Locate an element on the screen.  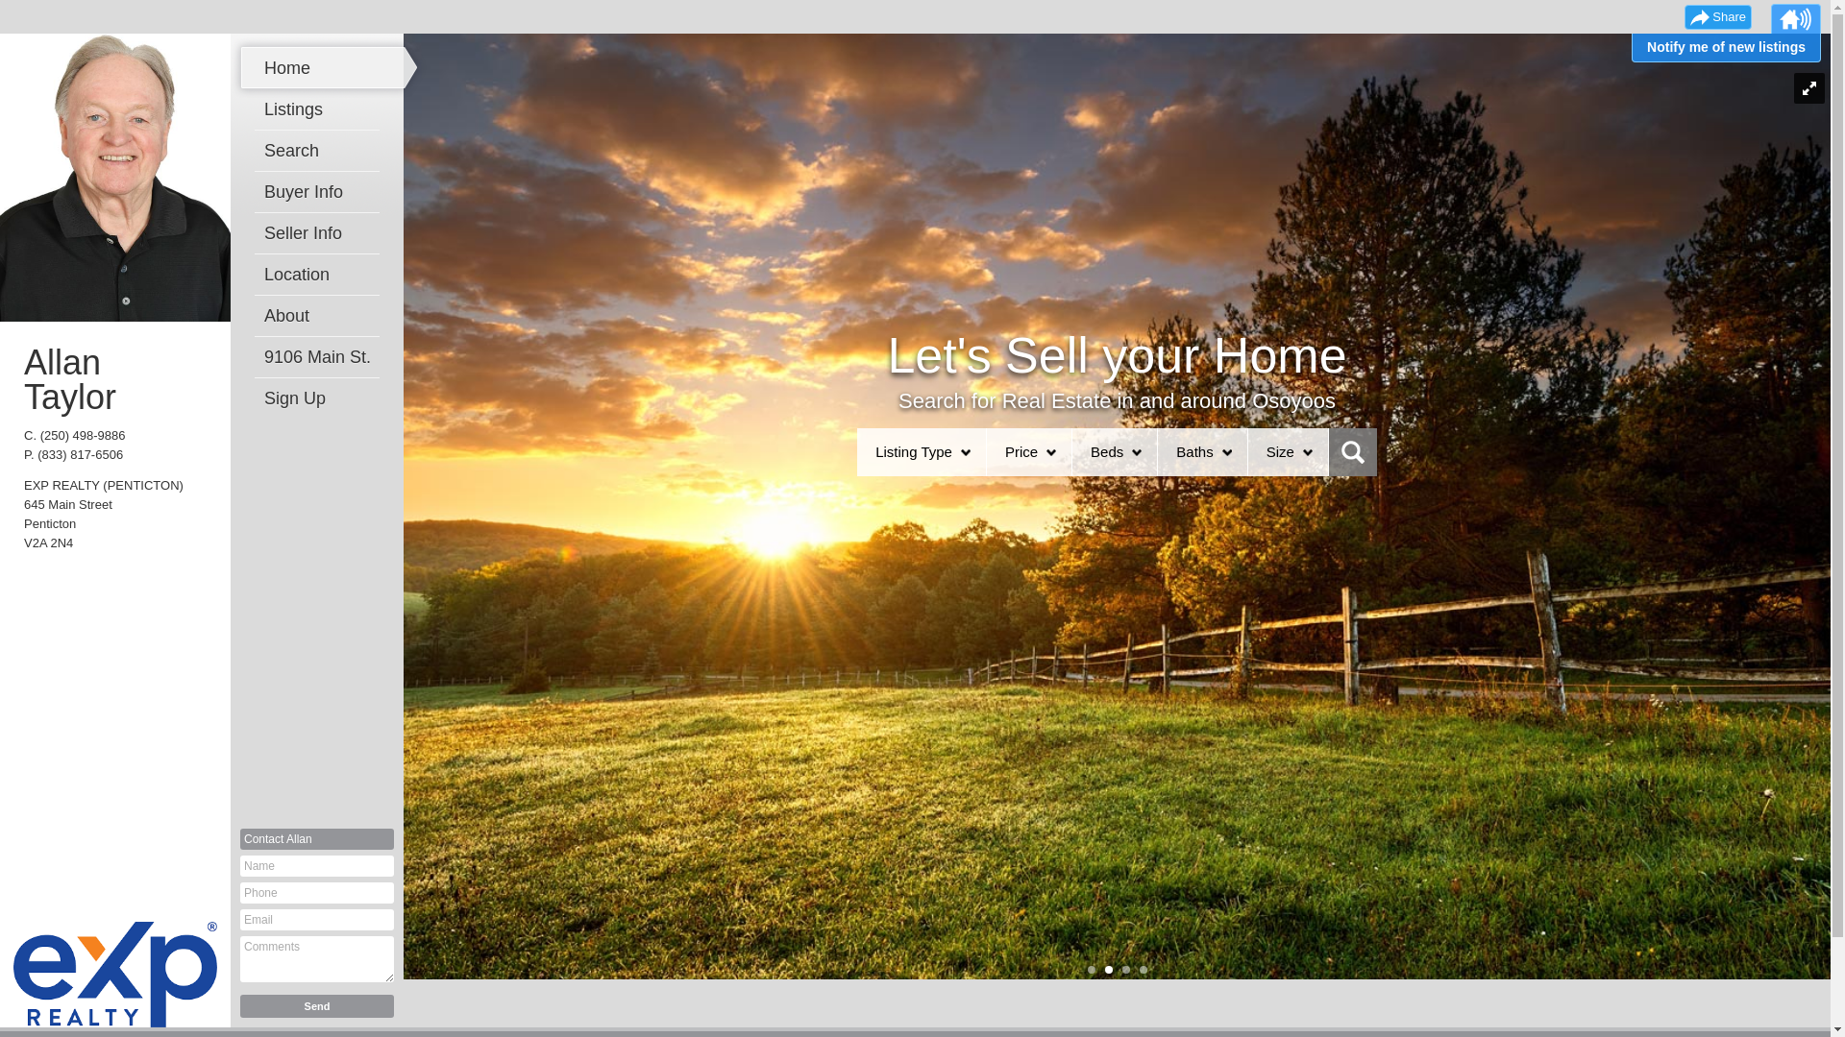
'Price' is located at coordinates (1020, 451).